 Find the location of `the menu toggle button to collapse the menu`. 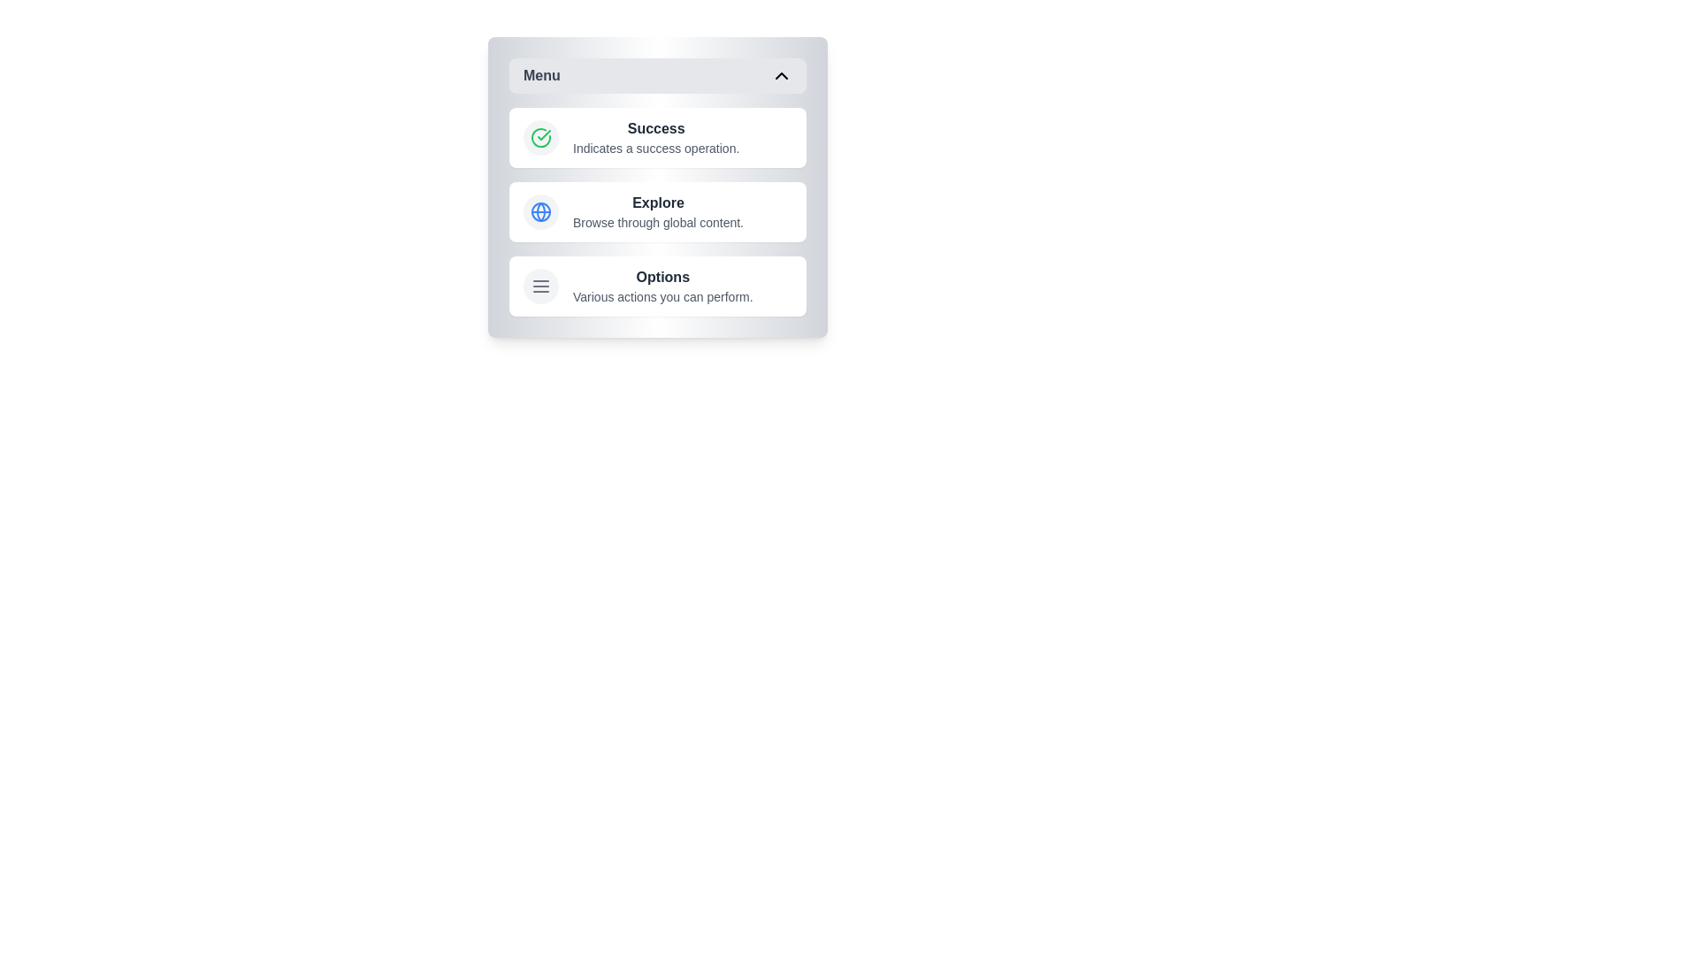

the menu toggle button to collapse the menu is located at coordinates (657, 74).